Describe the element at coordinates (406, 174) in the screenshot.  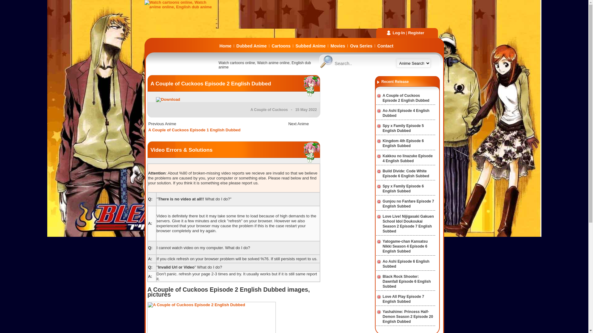
I see `'Build Divide: Code White Episode 6 English Subbed'` at that location.